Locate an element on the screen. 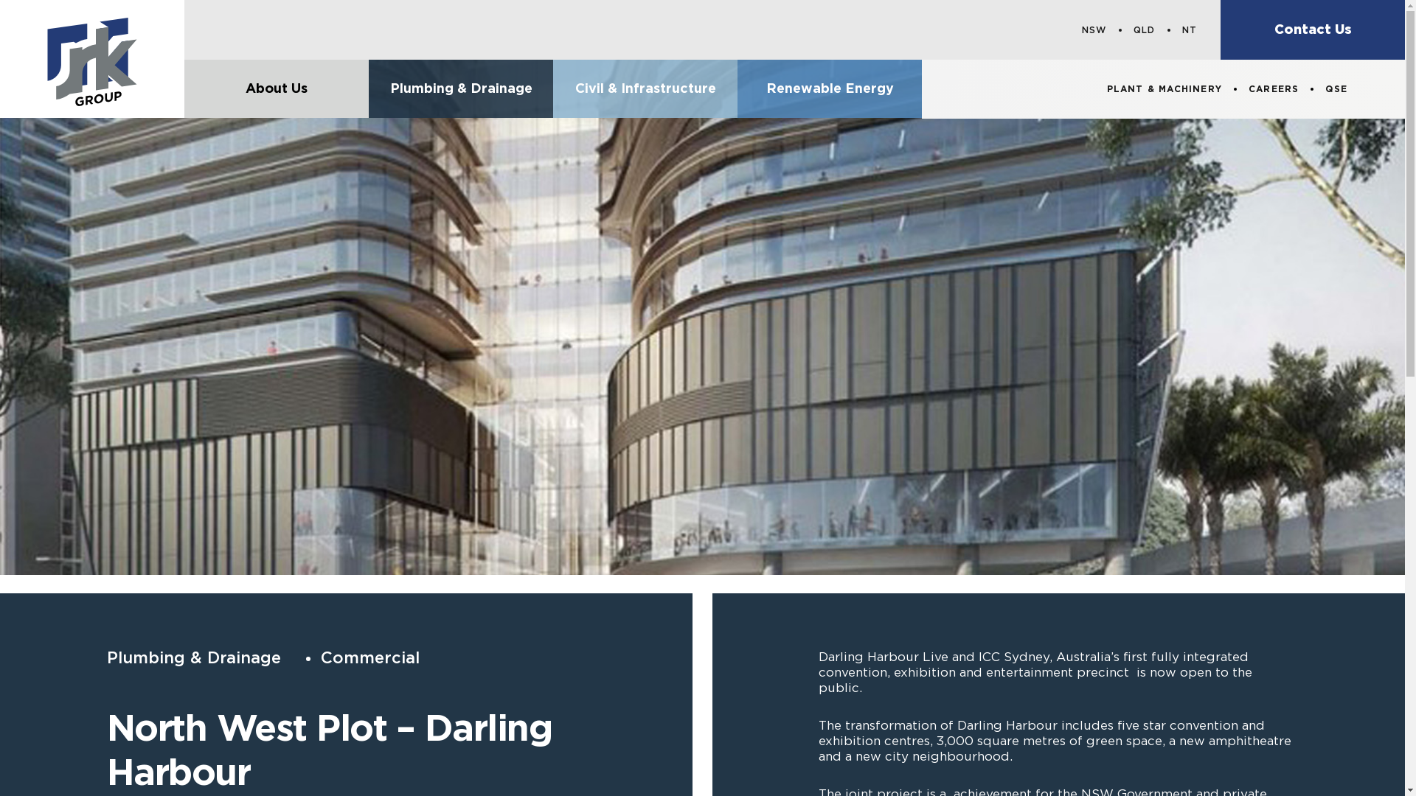 This screenshot has height=796, width=1416. 'Renewable Energy' is located at coordinates (829, 88).